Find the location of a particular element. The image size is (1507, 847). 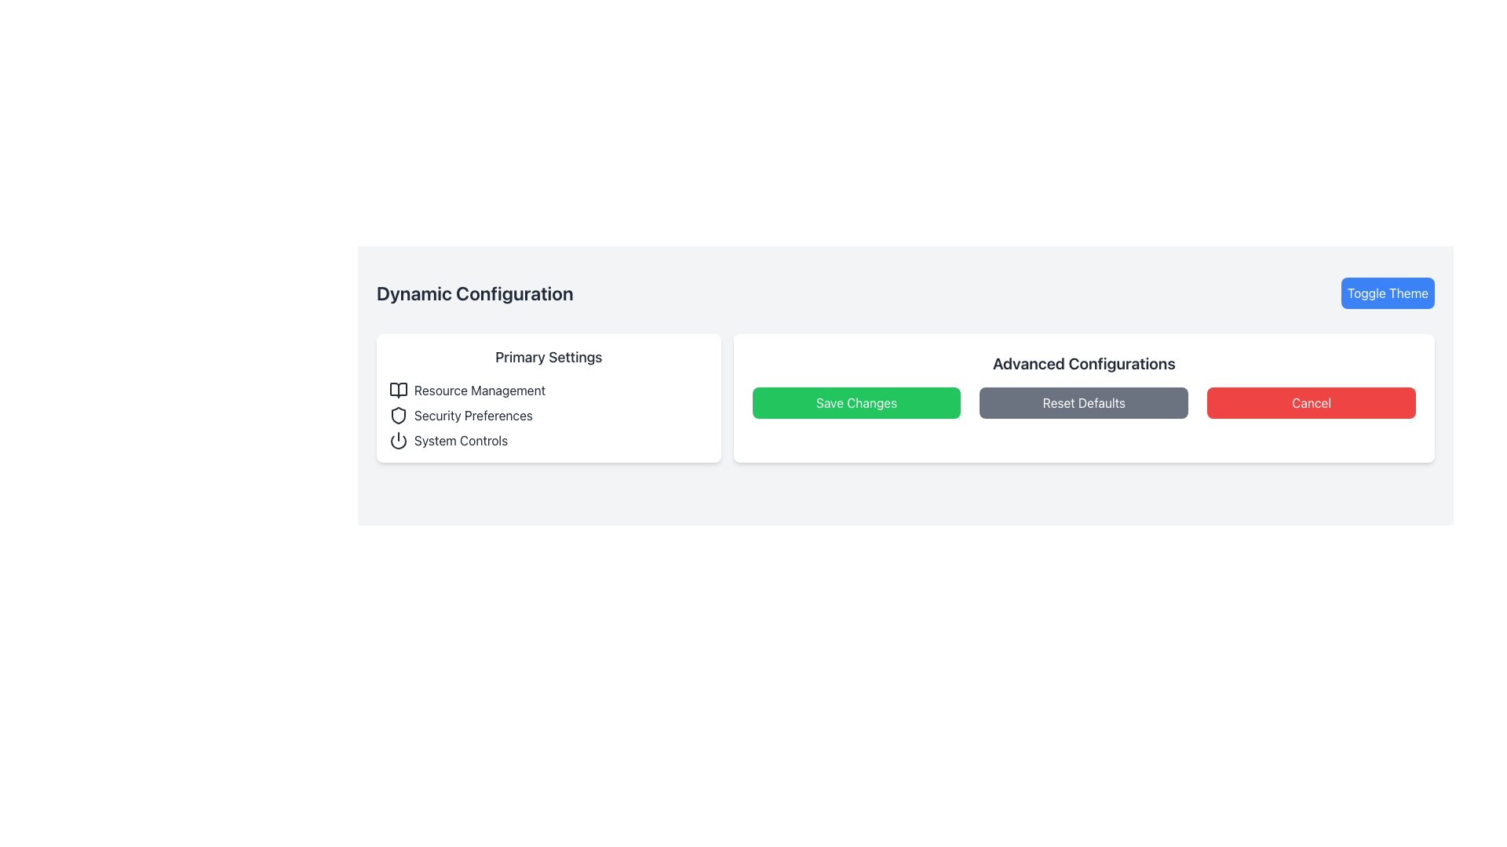

the 'Save Changes' button with a bright green background and white text to observe a color change is located at coordinates (856, 402).